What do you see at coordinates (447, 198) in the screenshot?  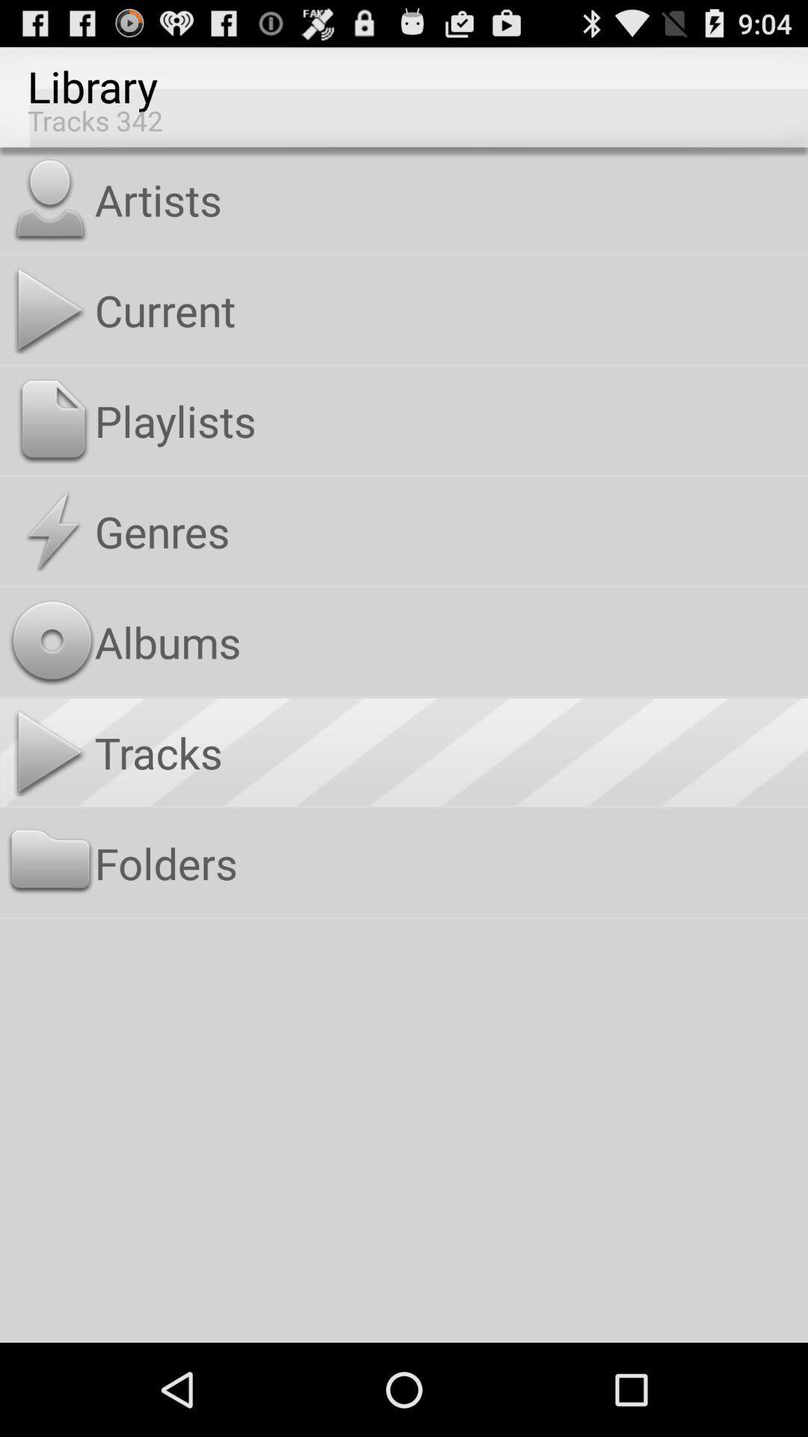 I see `artists item` at bounding box center [447, 198].